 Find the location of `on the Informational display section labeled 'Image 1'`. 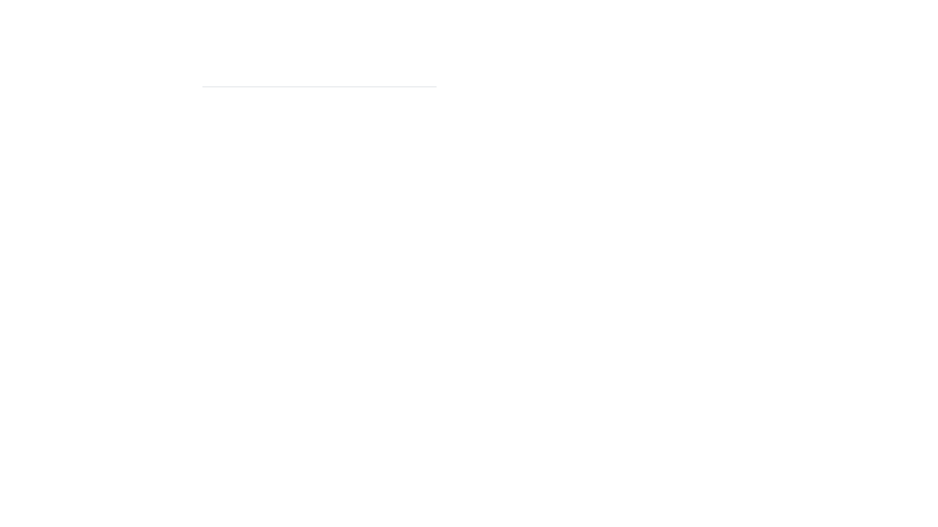

on the Informational display section labeled 'Image 1' is located at coordinates (319, 94).